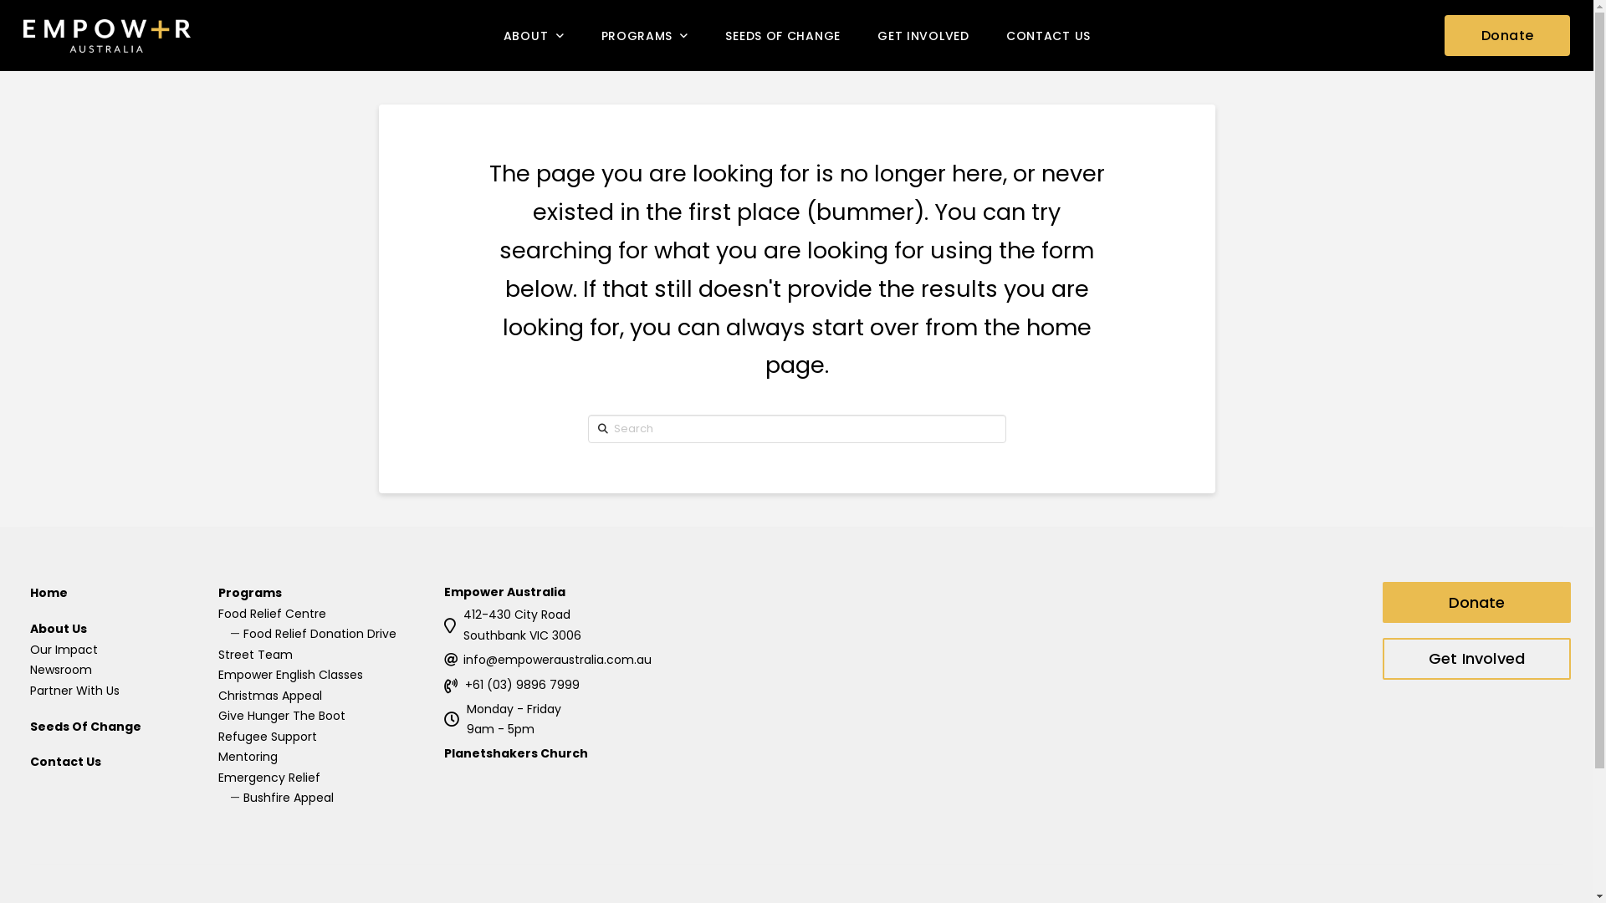 The width and height of the screenshot is (1606, 903). Describe the element at coordinates (1506, 35) in the screenshot. I see `'Donate'` at that location.